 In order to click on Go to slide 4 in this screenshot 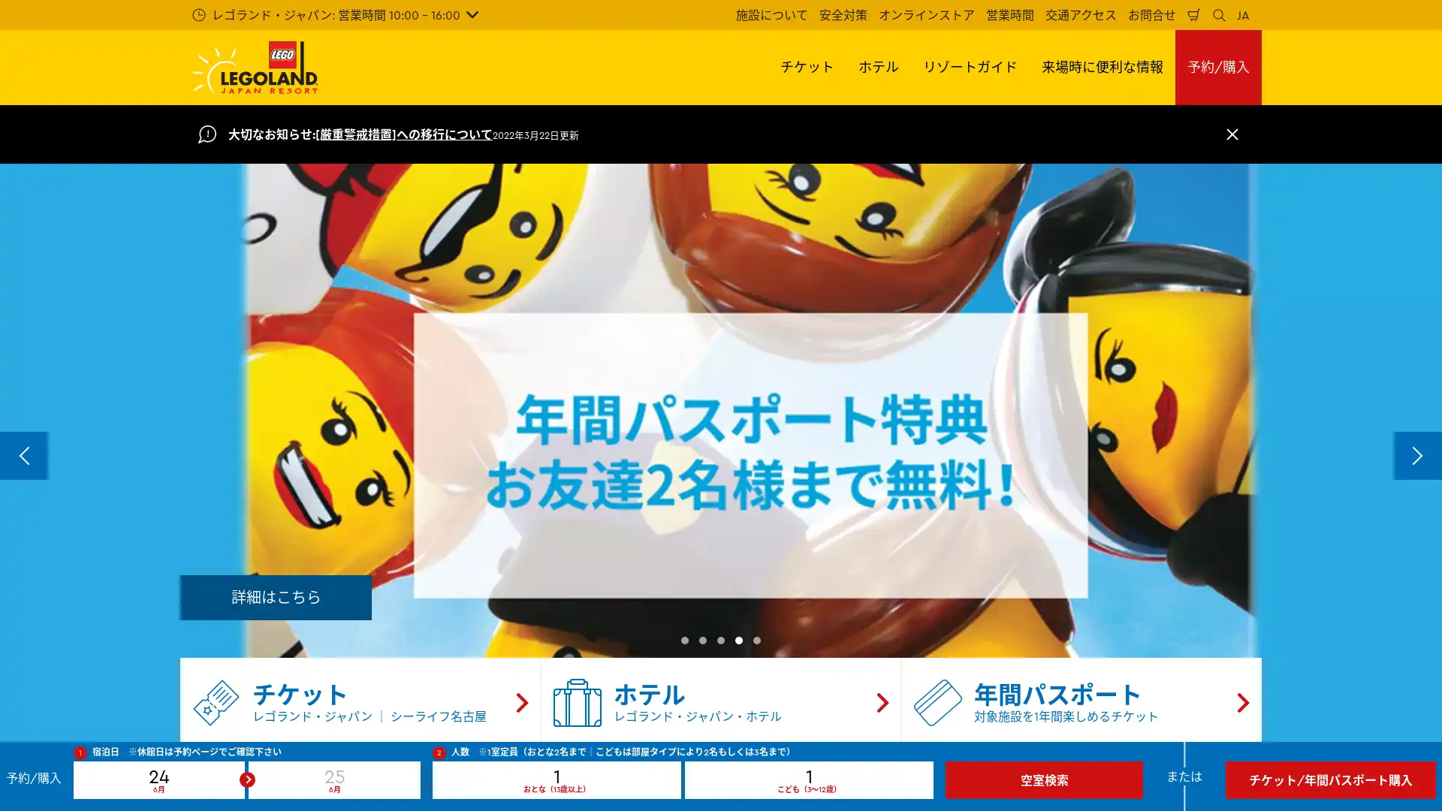, I will do `click(738, 640)`.